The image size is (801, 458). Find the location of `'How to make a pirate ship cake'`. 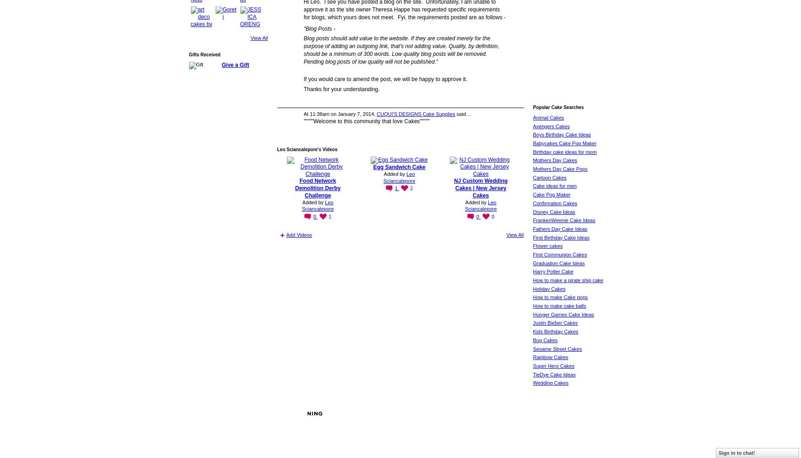

'How to make a pirate ship cake' is located at coordinates (568, 280).